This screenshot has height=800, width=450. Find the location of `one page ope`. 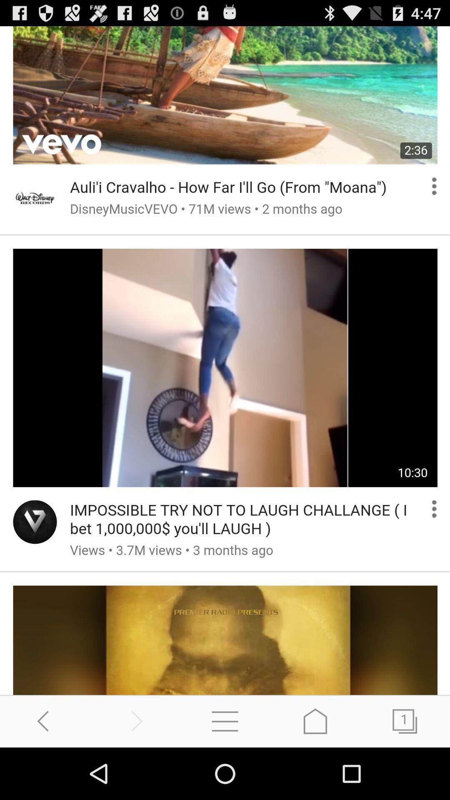

one page ope is located at coordinates (405, 721).